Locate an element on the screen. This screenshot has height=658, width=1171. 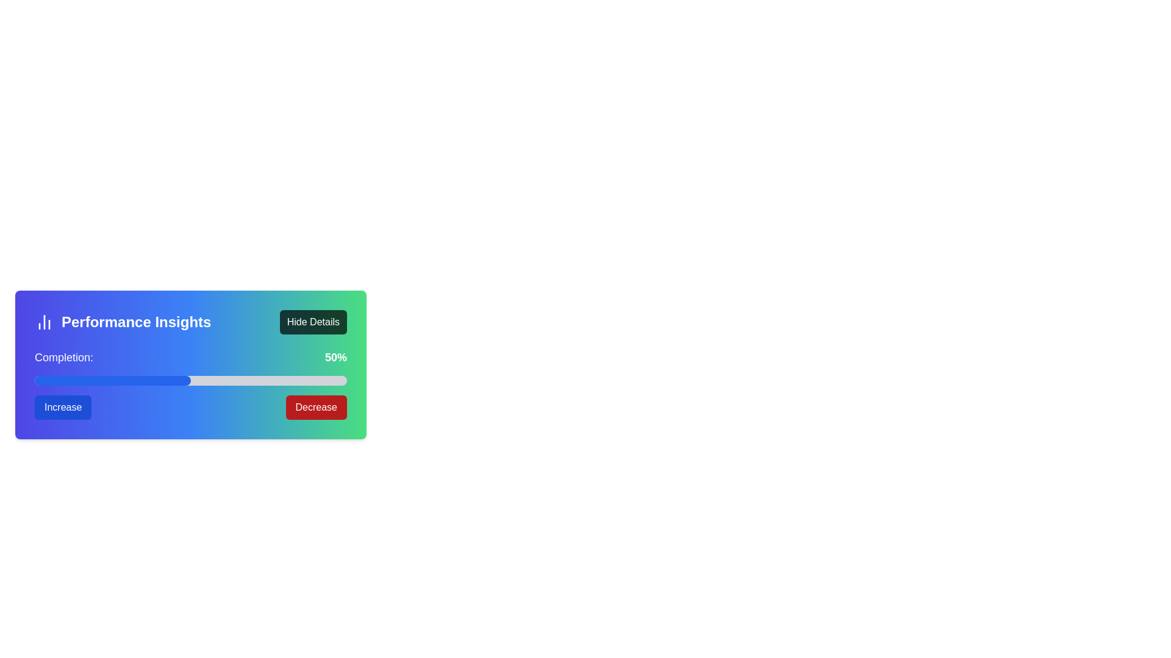
the blue 'Increase' button with white text located at the bottom left of the 'Performance Insights' section is located at coordinates (62, 407).